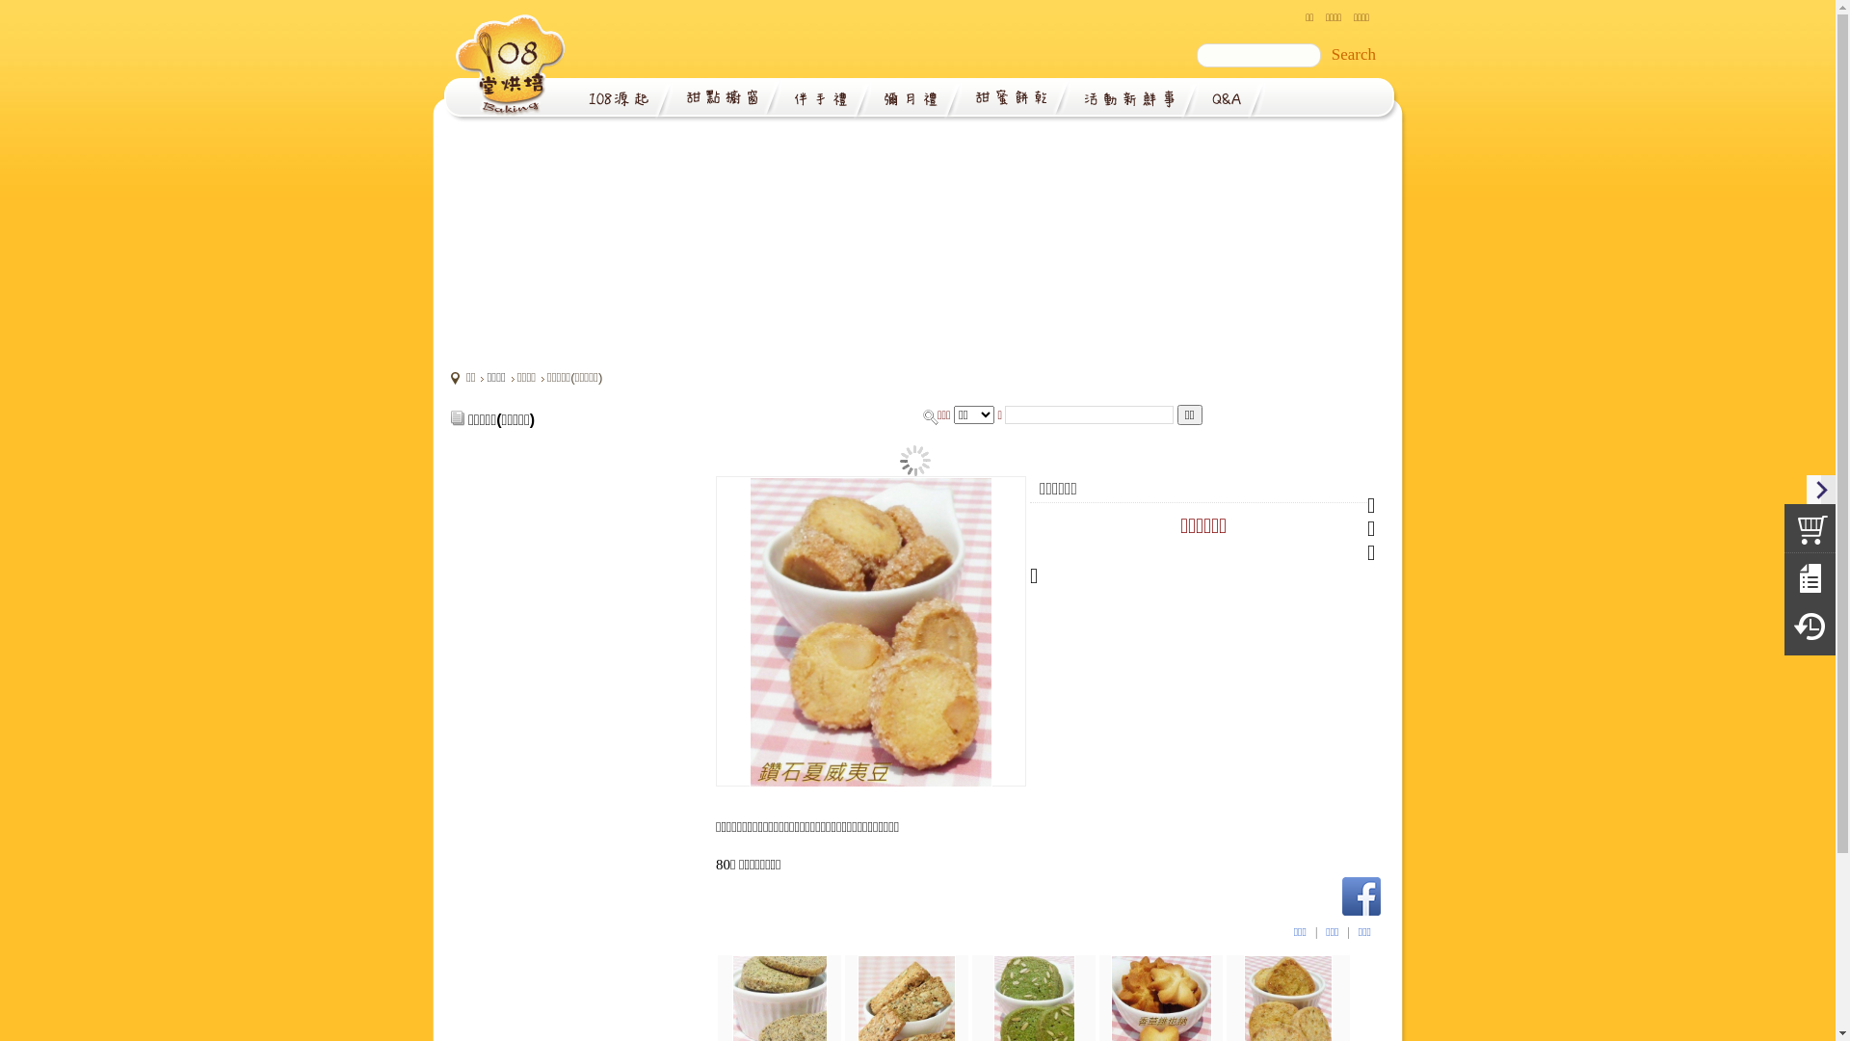  I want to click on 'Search', so click(1353, 54).